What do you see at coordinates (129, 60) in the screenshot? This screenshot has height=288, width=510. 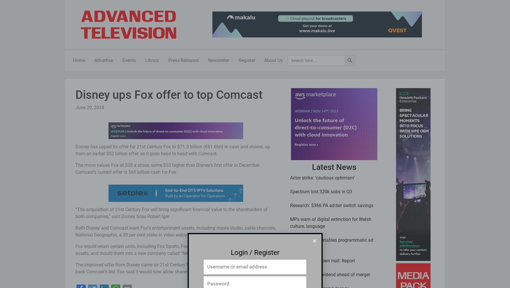 I see `'Events'` at bounding box center [129, 60].